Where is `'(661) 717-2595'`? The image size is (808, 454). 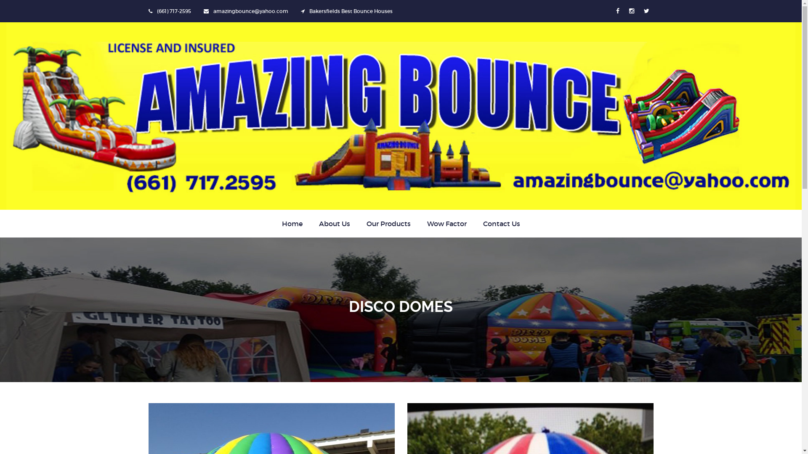 '(661) 717-2595' is located at coordinates (173, 11).